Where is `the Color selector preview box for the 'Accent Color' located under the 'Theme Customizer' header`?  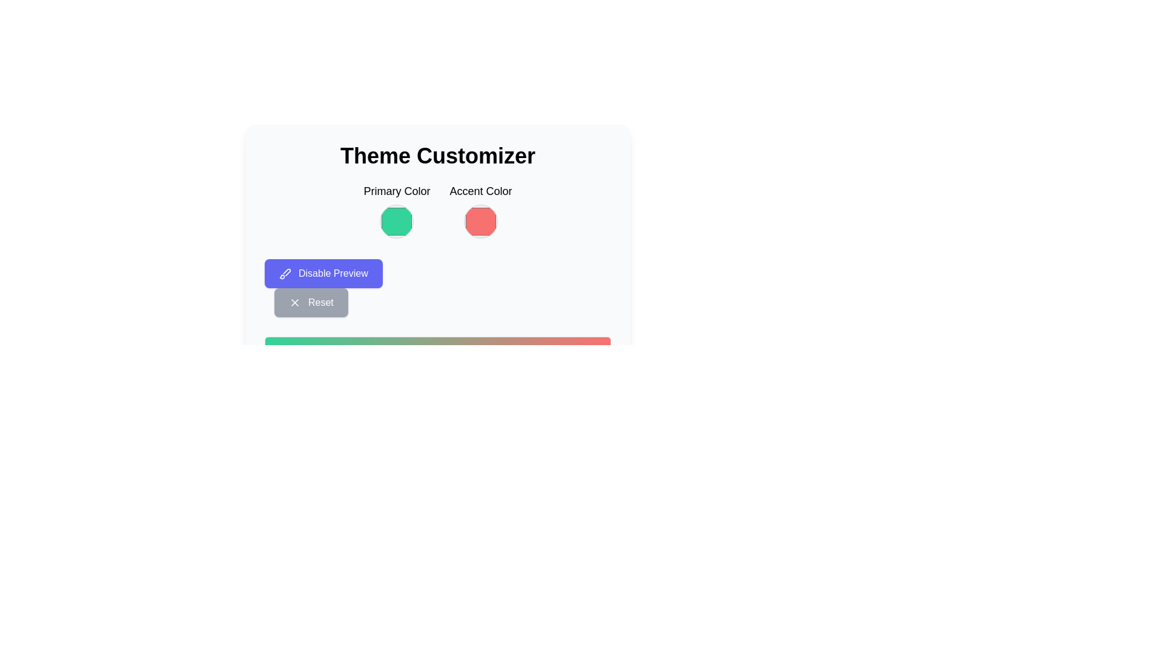 the Color selector preview box for the 'Accent Color' located under the 'Theme Customizer' header is located at coordinates (480, 210).